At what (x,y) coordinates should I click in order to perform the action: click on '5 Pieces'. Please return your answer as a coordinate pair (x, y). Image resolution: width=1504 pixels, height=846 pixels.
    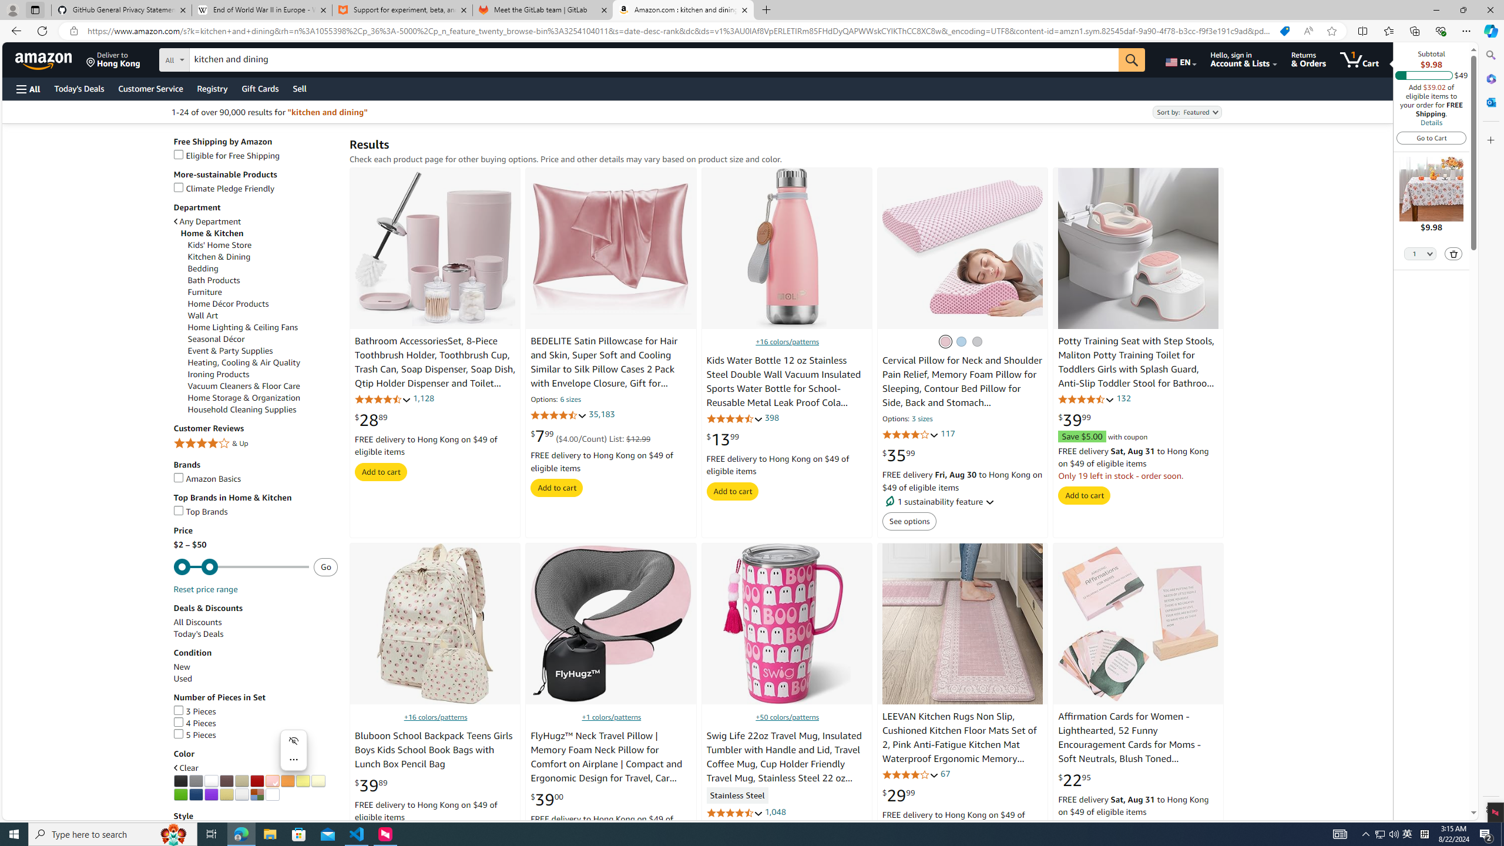
    Looking at the image, I should click on (194, 735).